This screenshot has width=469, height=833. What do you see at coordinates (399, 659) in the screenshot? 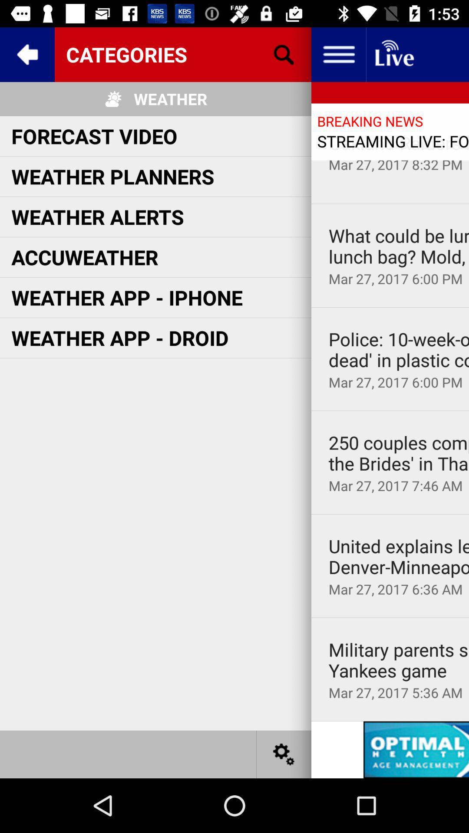
I see `the military parents surprise icon` at bounding box center [399, 659].